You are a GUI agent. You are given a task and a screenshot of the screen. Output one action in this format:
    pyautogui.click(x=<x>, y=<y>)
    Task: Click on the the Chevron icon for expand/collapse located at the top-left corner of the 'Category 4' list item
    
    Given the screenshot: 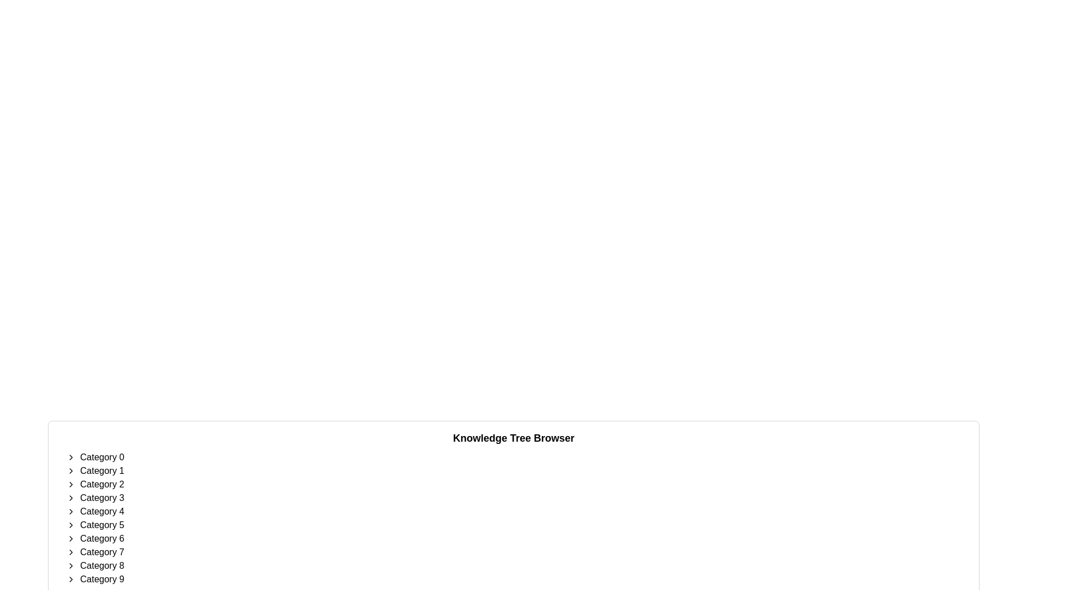 What is the action you would take?
    pyautogui.click(x=70, y=512)
    